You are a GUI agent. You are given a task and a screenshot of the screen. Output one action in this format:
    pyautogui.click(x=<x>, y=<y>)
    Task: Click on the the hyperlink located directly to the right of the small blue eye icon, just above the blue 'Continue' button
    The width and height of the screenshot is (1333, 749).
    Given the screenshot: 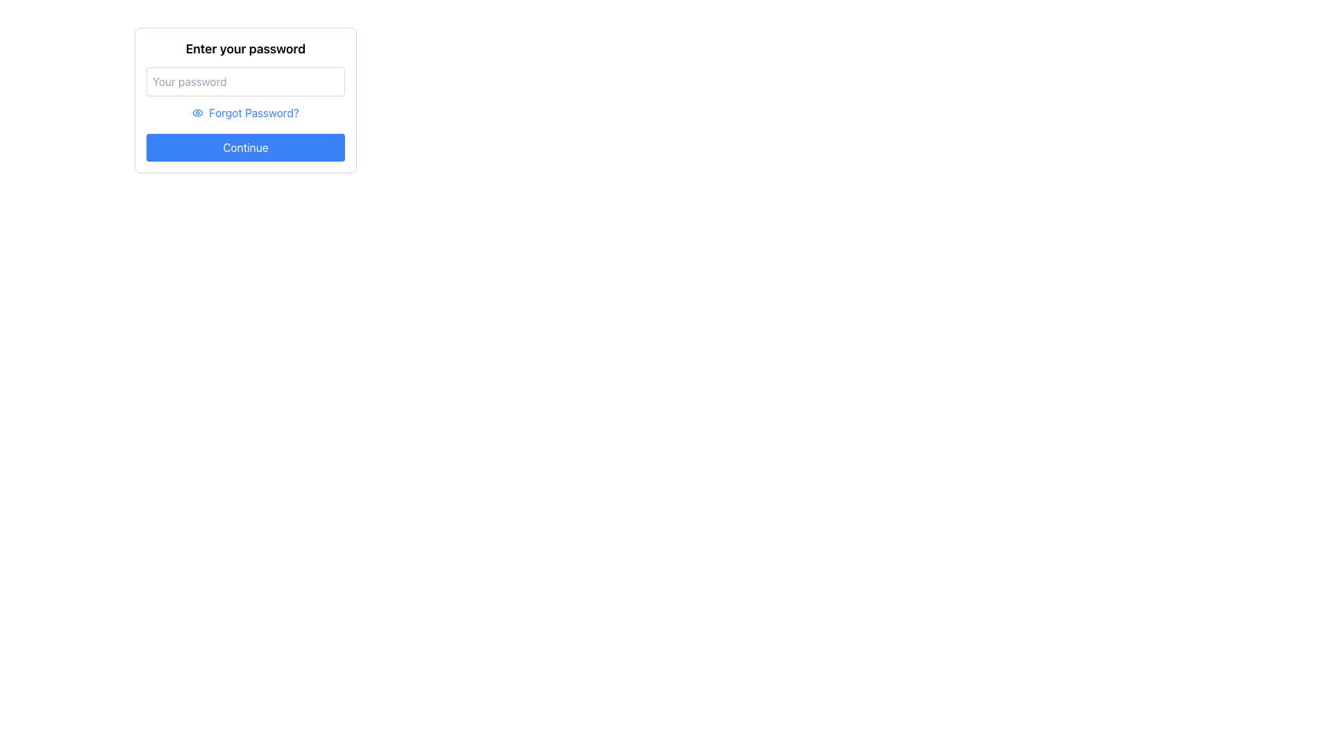 What is the action you would take?
    pyautogui.click(x=253, y=112)
    